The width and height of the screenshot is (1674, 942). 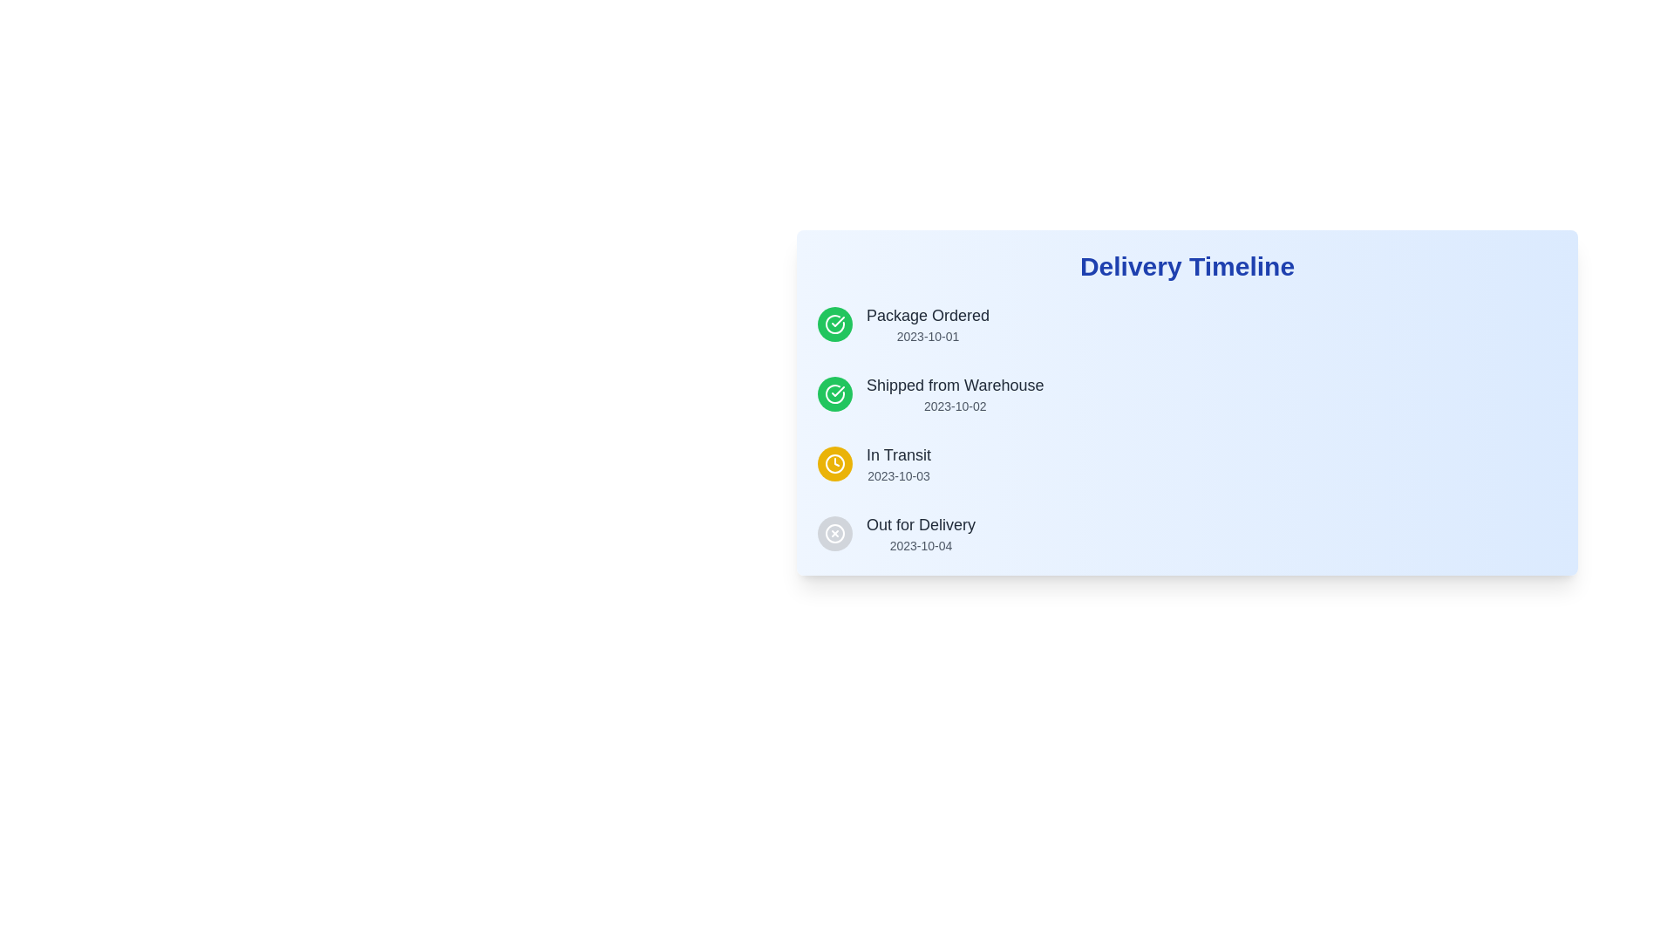 I want to click on the 'Out for Delivery' label, which is the fourth entry in the delivery timeline, displayed in gray with a larger font size, so click(x=920, y=523).